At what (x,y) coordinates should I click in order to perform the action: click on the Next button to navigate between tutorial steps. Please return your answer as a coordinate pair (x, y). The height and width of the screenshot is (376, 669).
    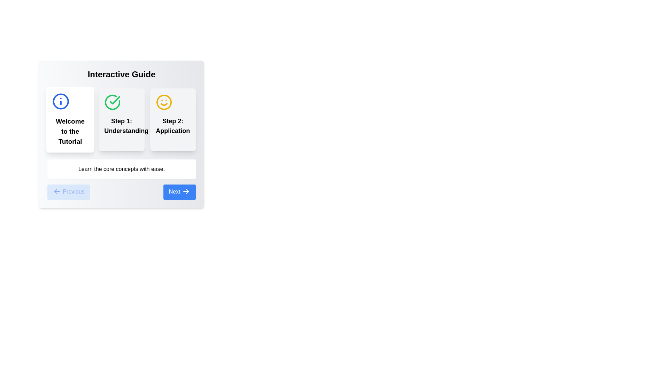
    Looking at the image, I should click on (179, 192).